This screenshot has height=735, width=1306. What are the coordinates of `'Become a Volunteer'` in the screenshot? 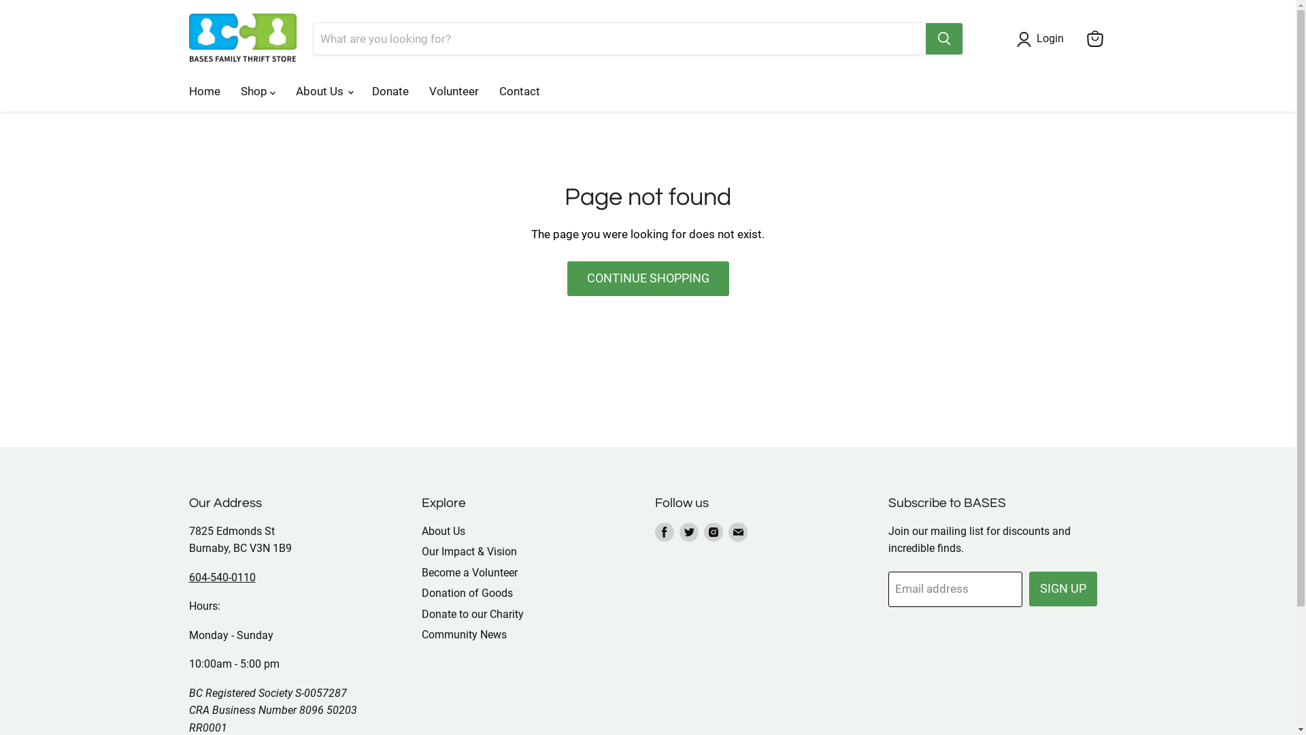 It's located at (469, 572).